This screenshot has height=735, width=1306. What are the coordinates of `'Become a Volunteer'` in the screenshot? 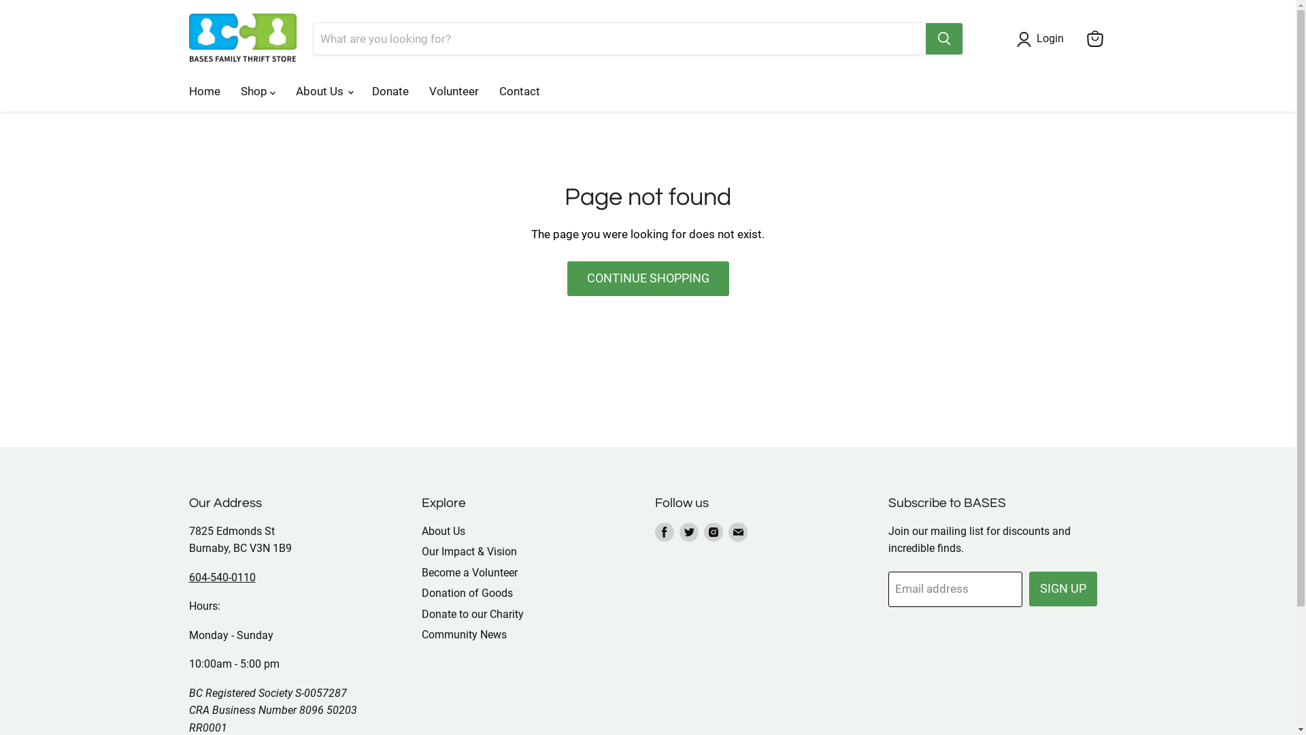 It's located at (469, 572).